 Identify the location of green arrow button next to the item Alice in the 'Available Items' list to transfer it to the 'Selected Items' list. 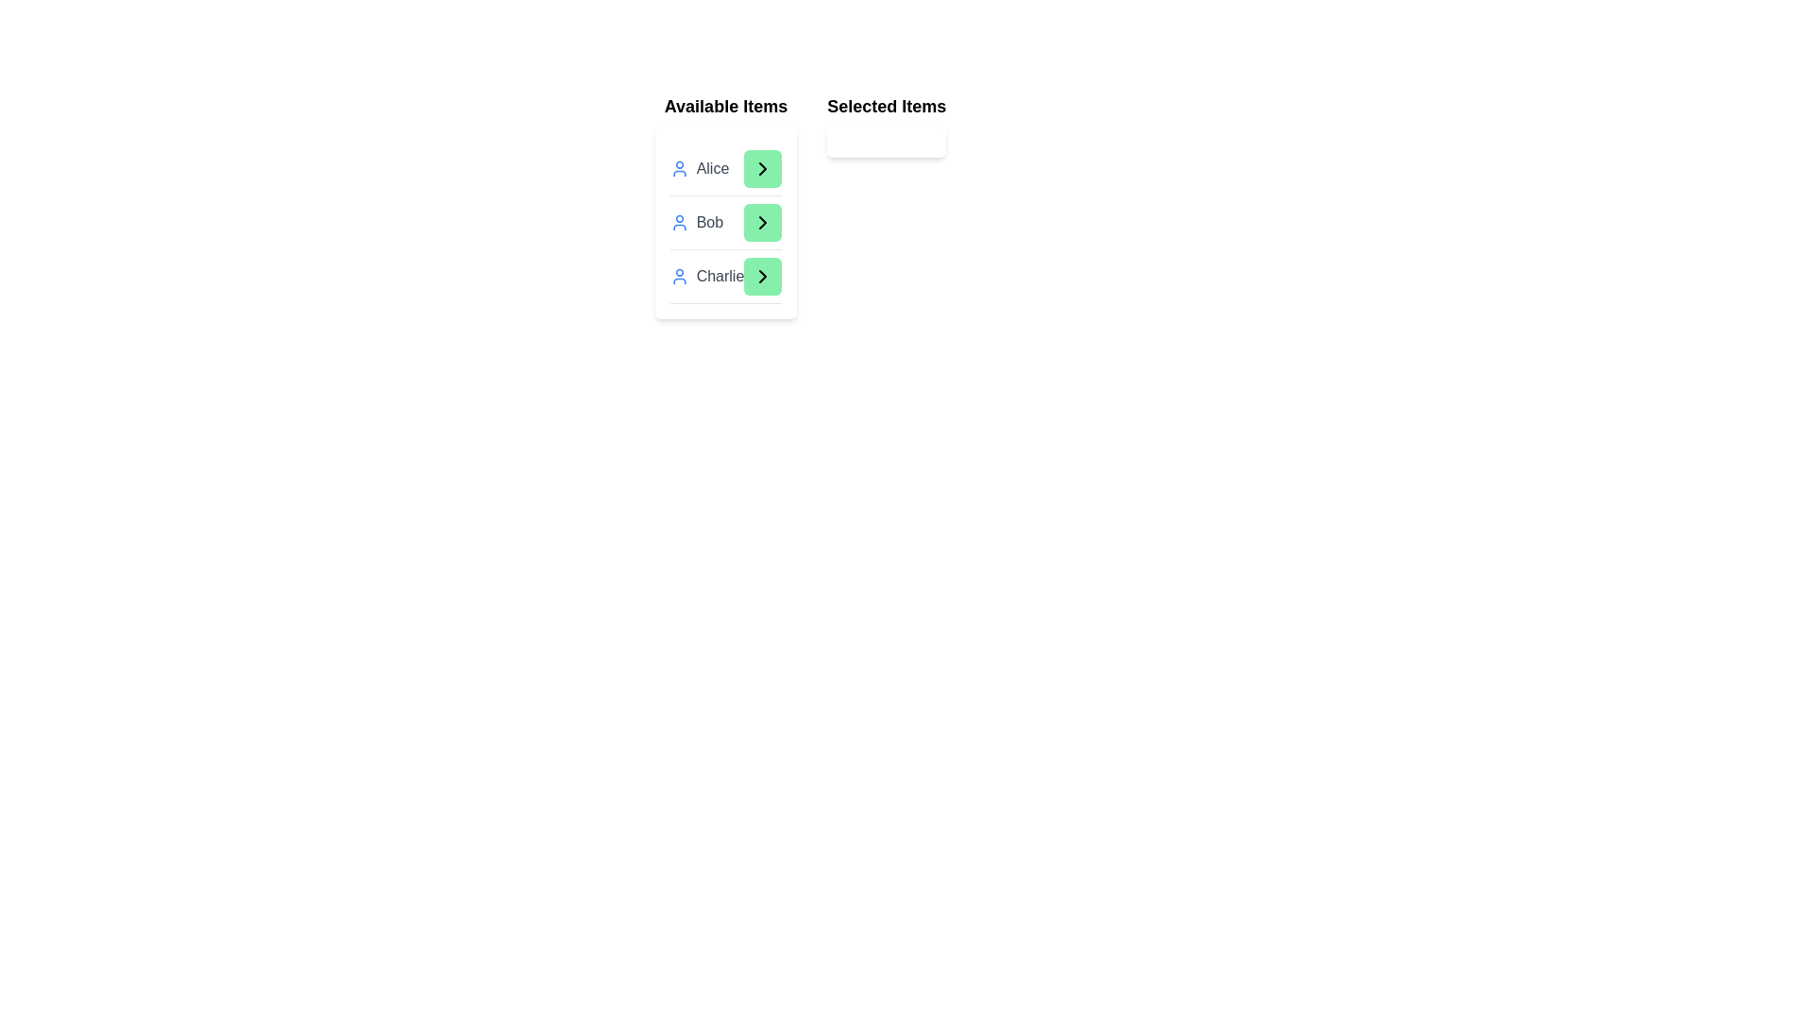
(763, 167).